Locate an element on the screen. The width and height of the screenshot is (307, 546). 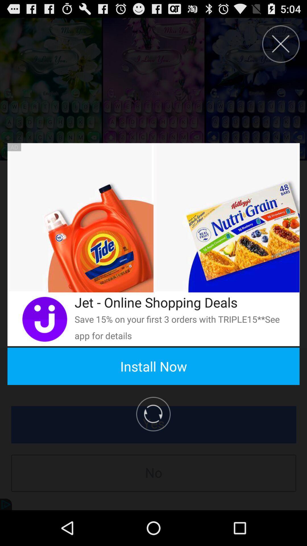
the emoji icon is located at coordinates (44, 341).